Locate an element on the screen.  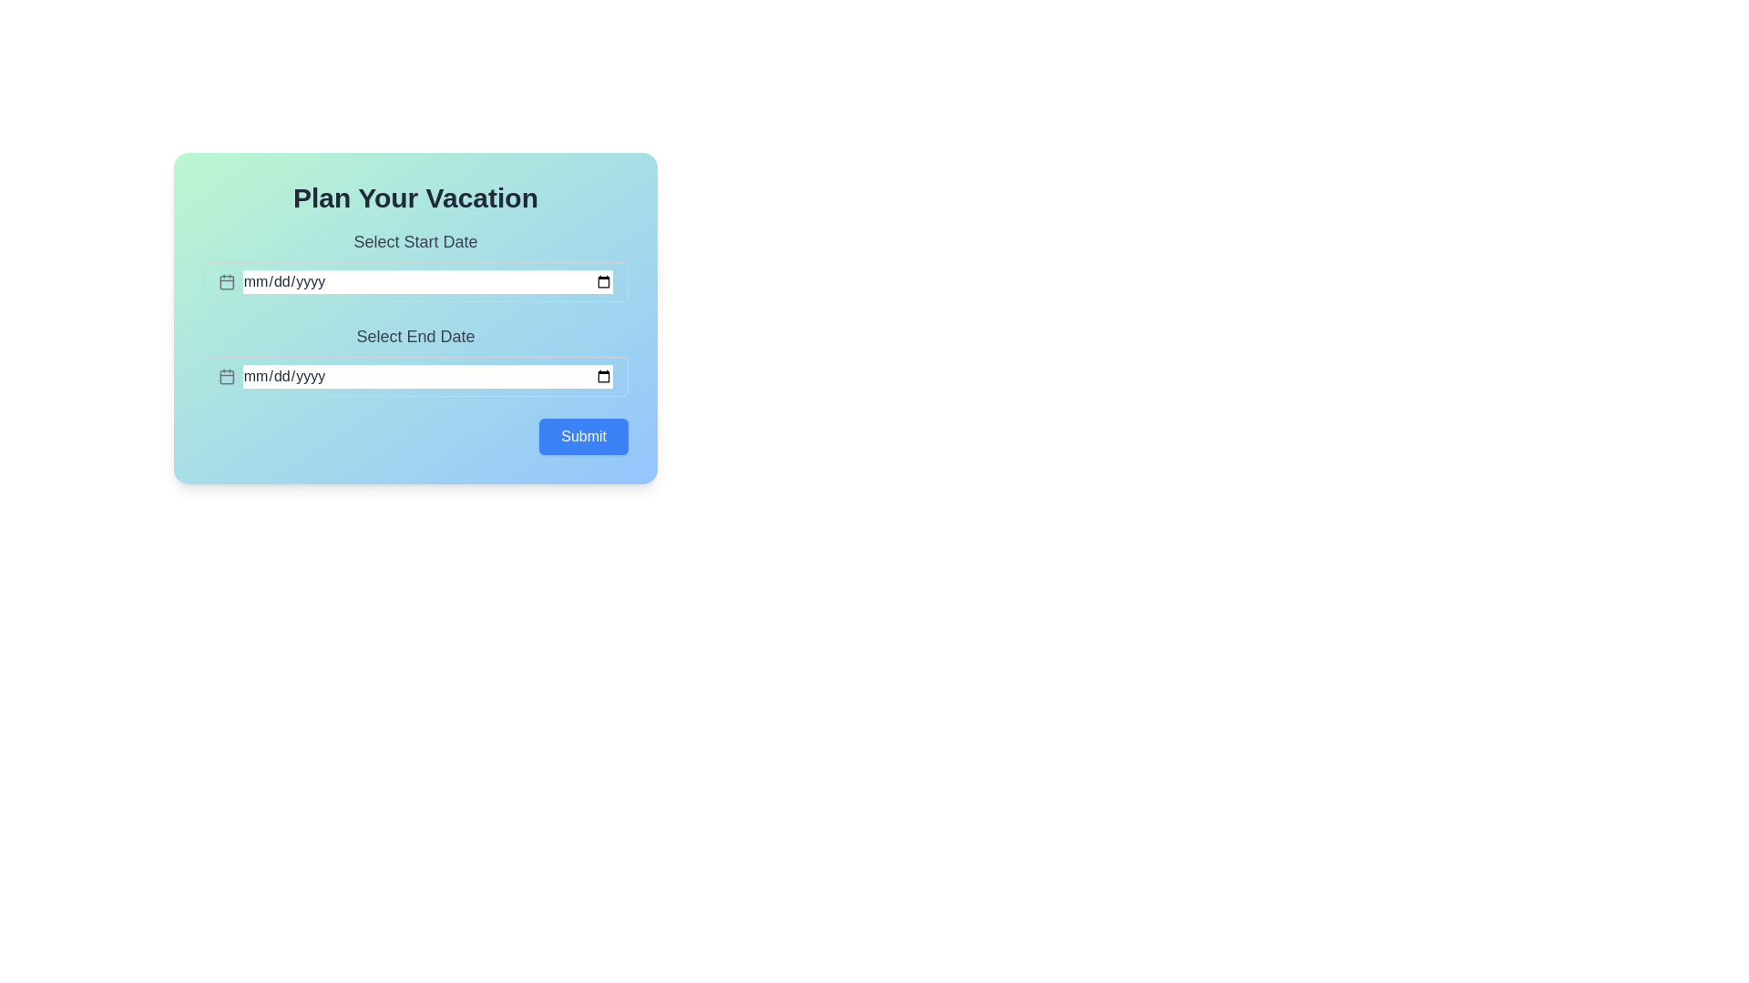
the calendar icon located to the left of the date input field in the 'Select End Date' section is located at coordinates (226, 375).